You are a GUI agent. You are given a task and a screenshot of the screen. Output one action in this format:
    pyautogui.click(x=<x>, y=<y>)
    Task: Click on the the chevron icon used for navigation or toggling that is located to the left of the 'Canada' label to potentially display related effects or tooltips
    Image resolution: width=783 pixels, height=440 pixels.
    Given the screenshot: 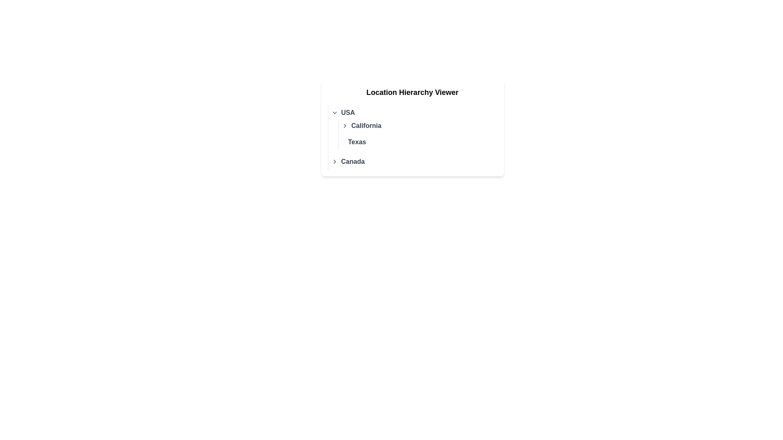 What is the action you would take?
    pyautogui.click(x=334, y=162)
    